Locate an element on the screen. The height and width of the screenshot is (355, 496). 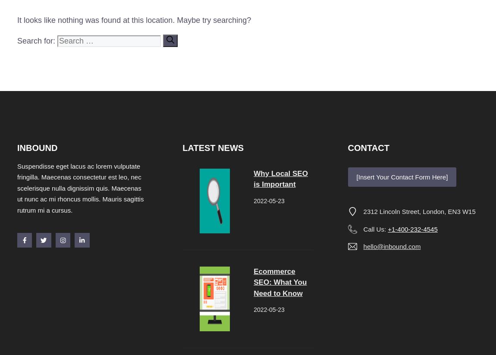
'Call Us:' is located at coordinates (375, 228).